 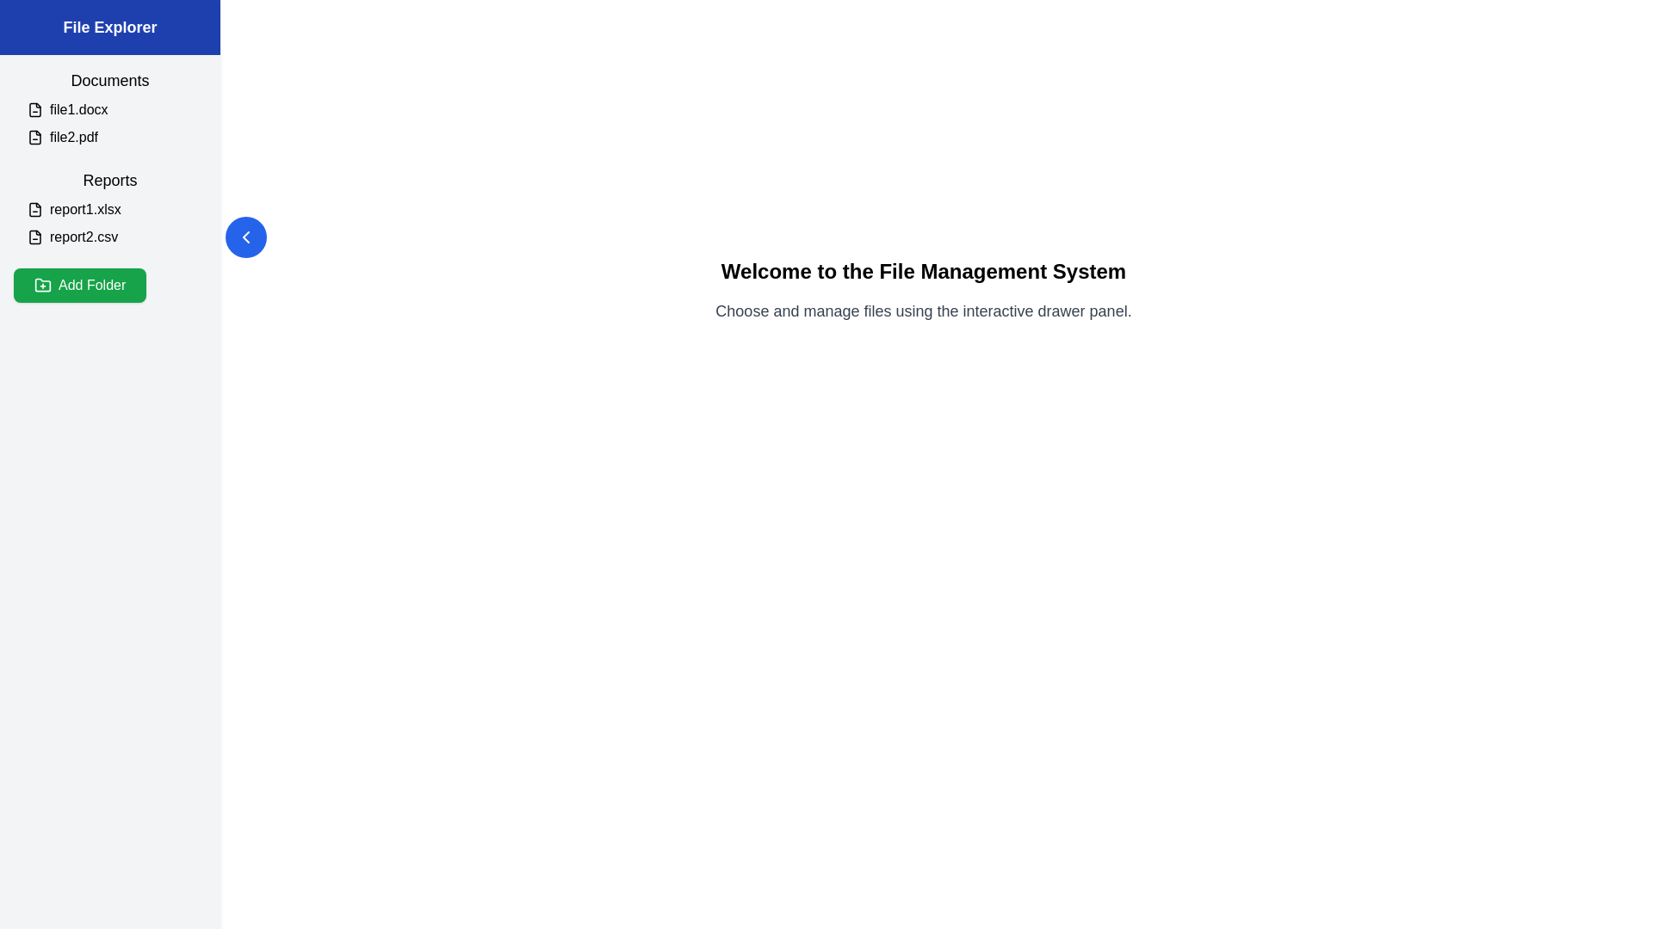 What do you see at coordinates (42, 284) in the screenshot?
I see `the 'Add Folder' icon located to the left of the 'Add Folder' text within the green button near the bottom of the left sidebar` at bounding box center [42, 284].